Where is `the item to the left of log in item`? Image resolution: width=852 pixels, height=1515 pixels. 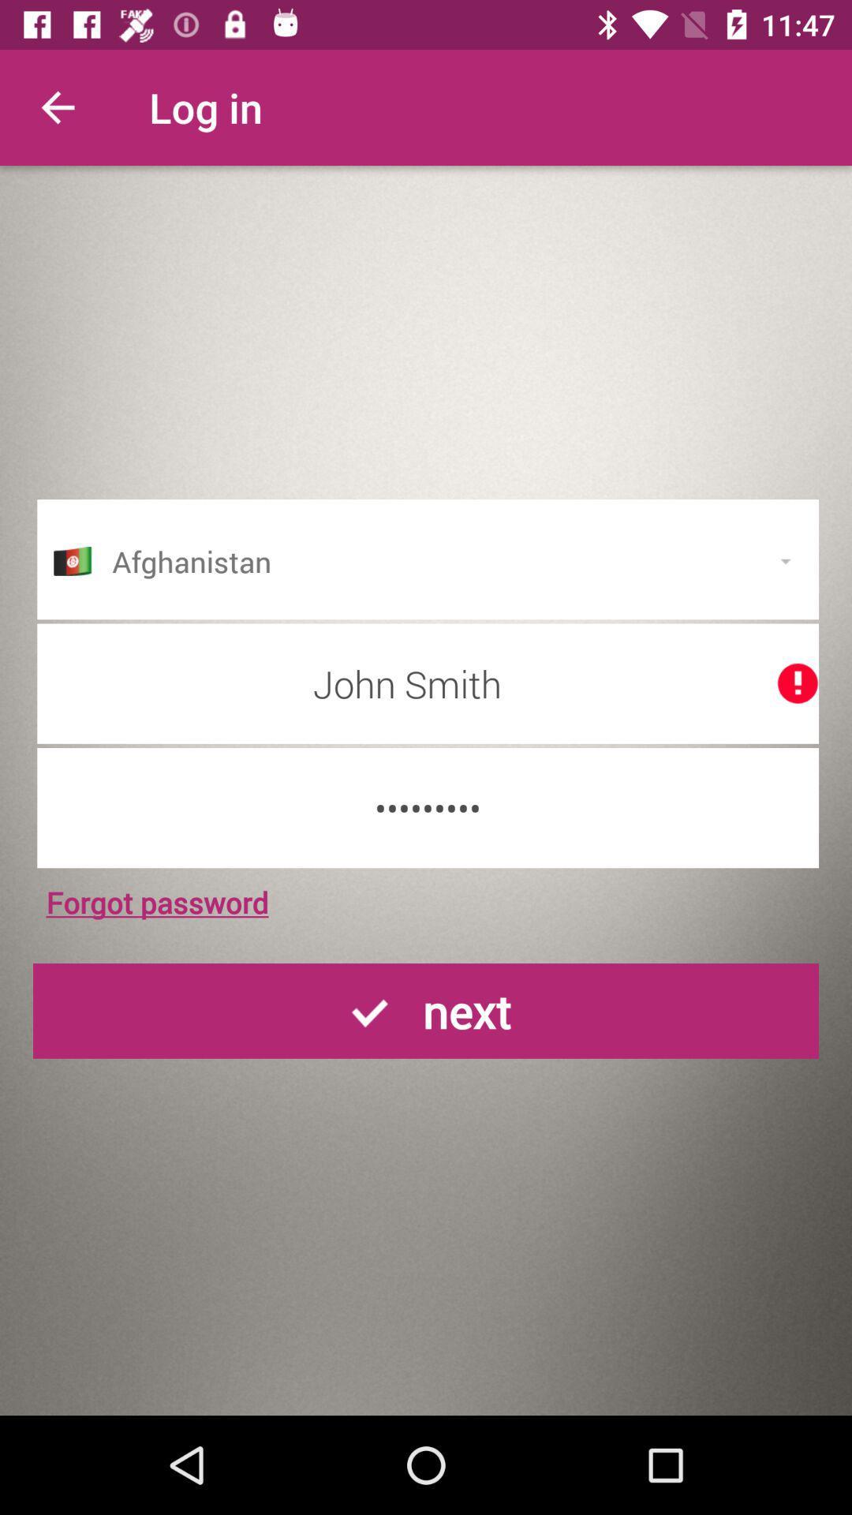
the item to the left of log in item is located at coordinates (57, 107).